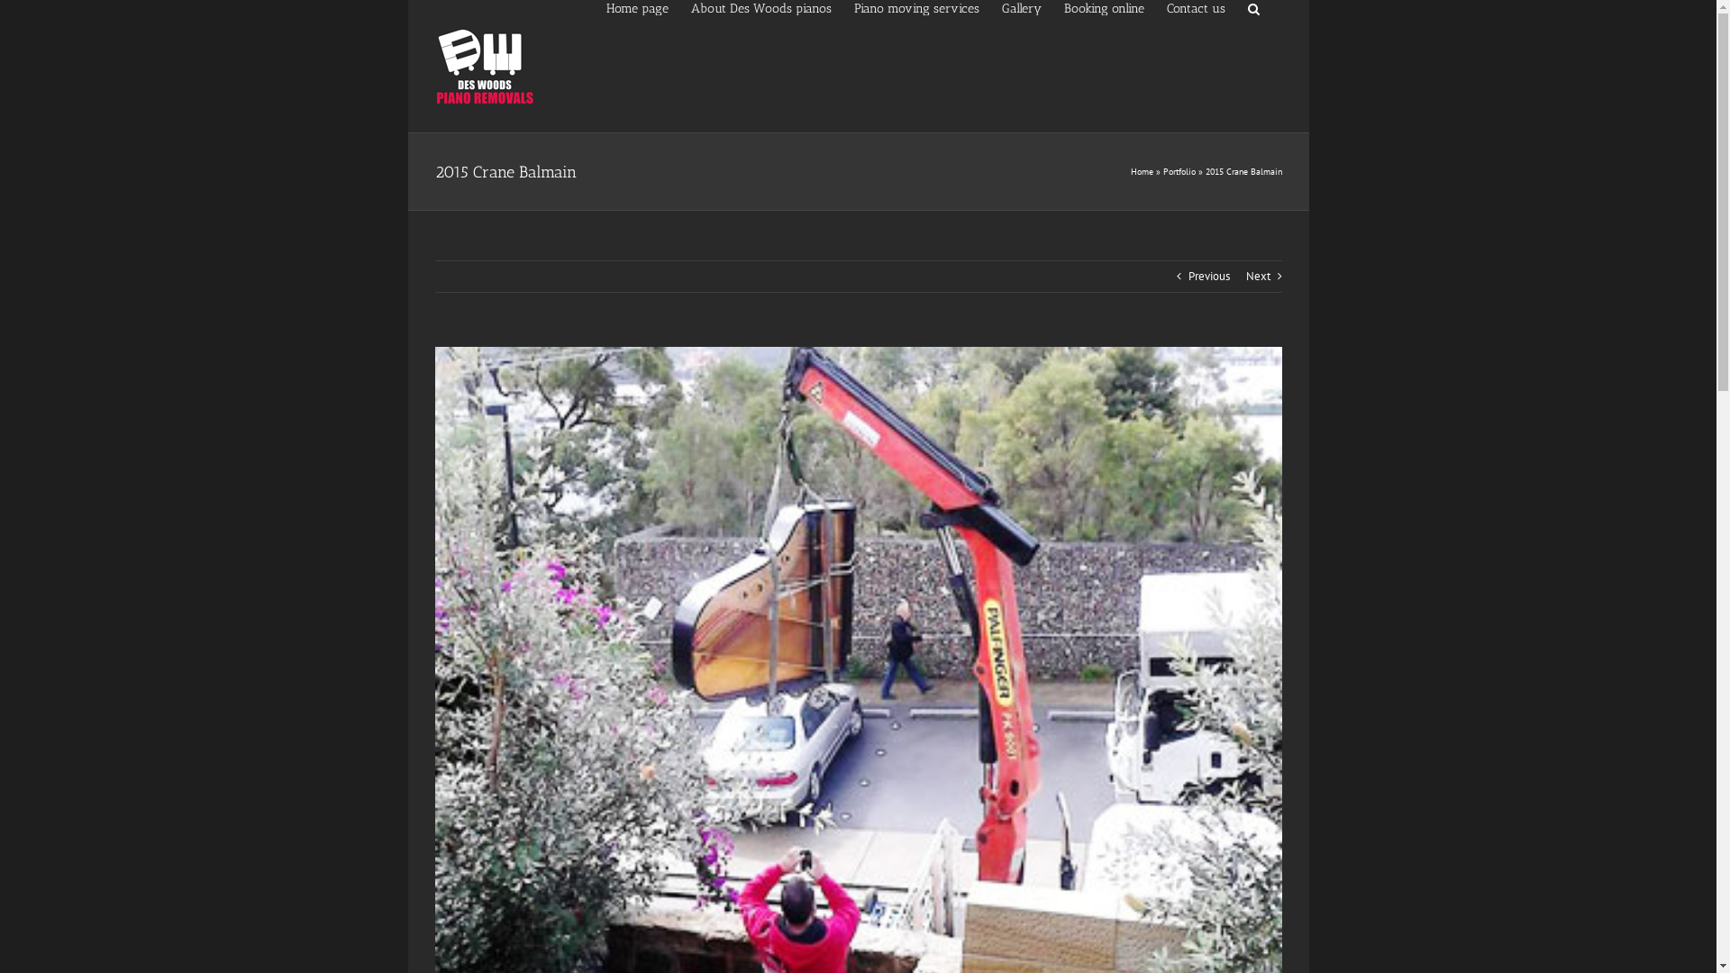 The image size is (1730, 973). What do you see at coordinates (1256, 277) in the screenshot?
I see `'Next'` at bounding box center [1256, 277].